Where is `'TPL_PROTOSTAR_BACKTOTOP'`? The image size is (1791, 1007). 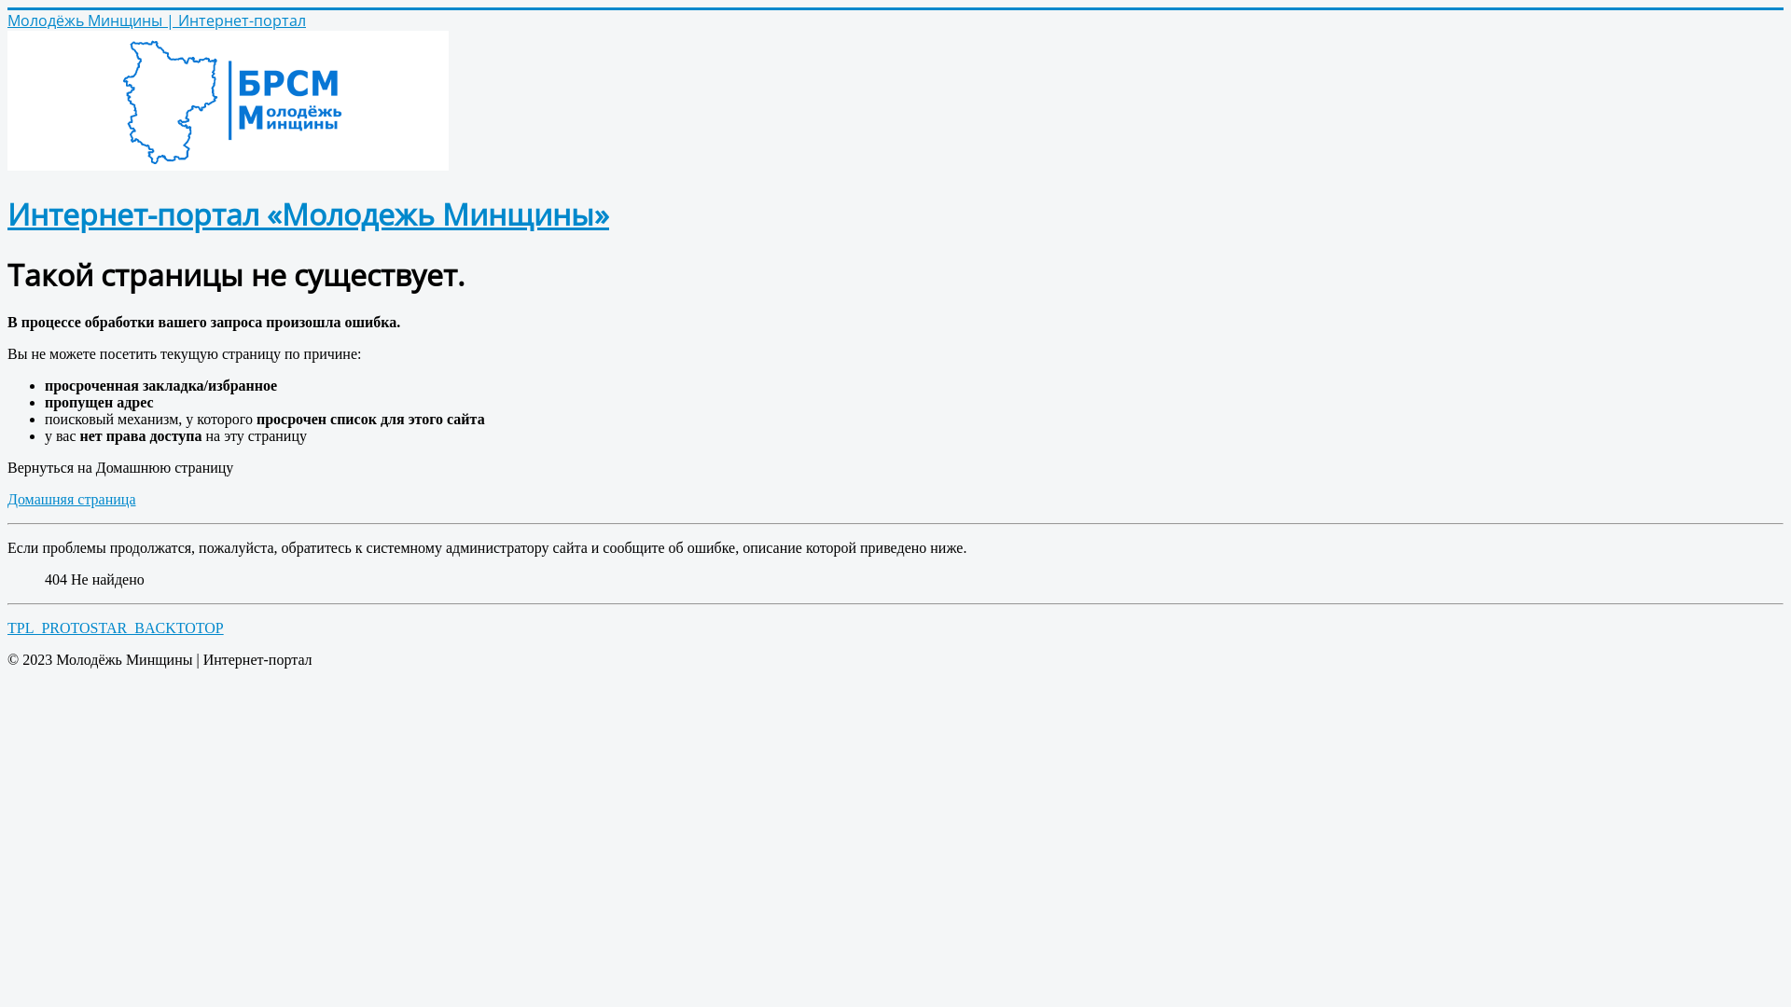 'TPL_PROTOSTAR_BACKTOTOP' is located at coordinates (115, 628).